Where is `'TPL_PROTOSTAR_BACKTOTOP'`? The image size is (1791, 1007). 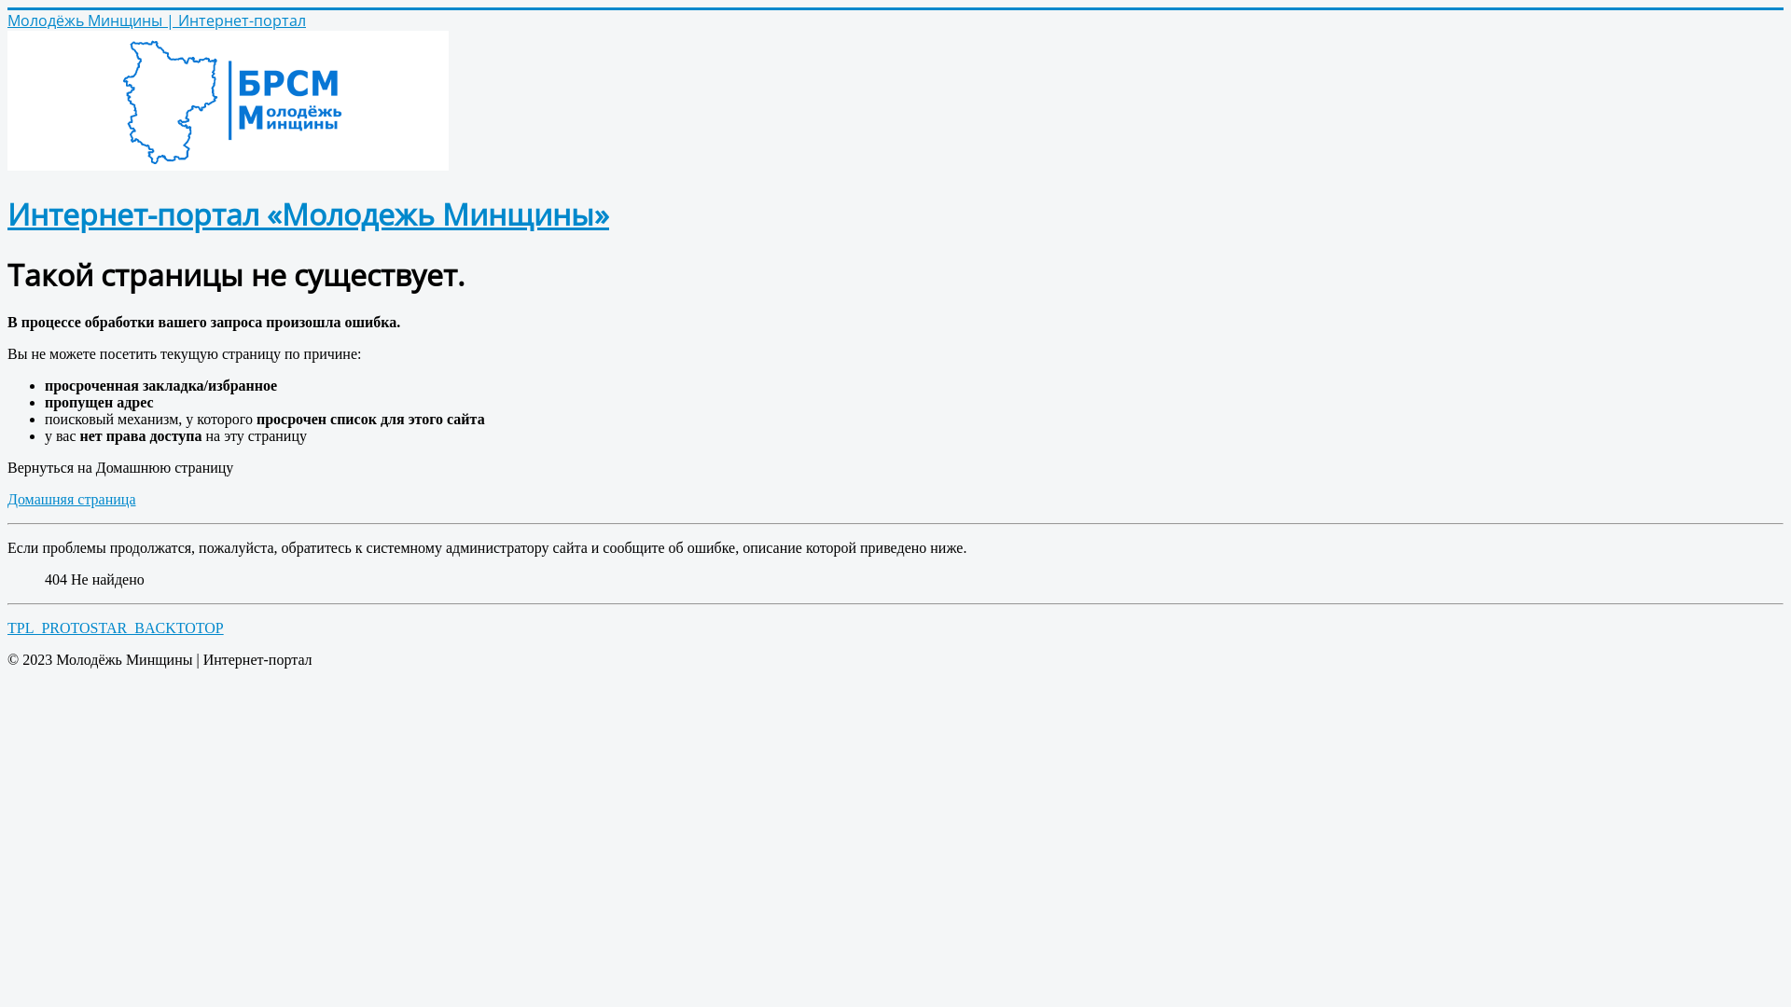 'TPL_PROTOSTAR_BACKTOTOP' is located at coordinates (115, 628).